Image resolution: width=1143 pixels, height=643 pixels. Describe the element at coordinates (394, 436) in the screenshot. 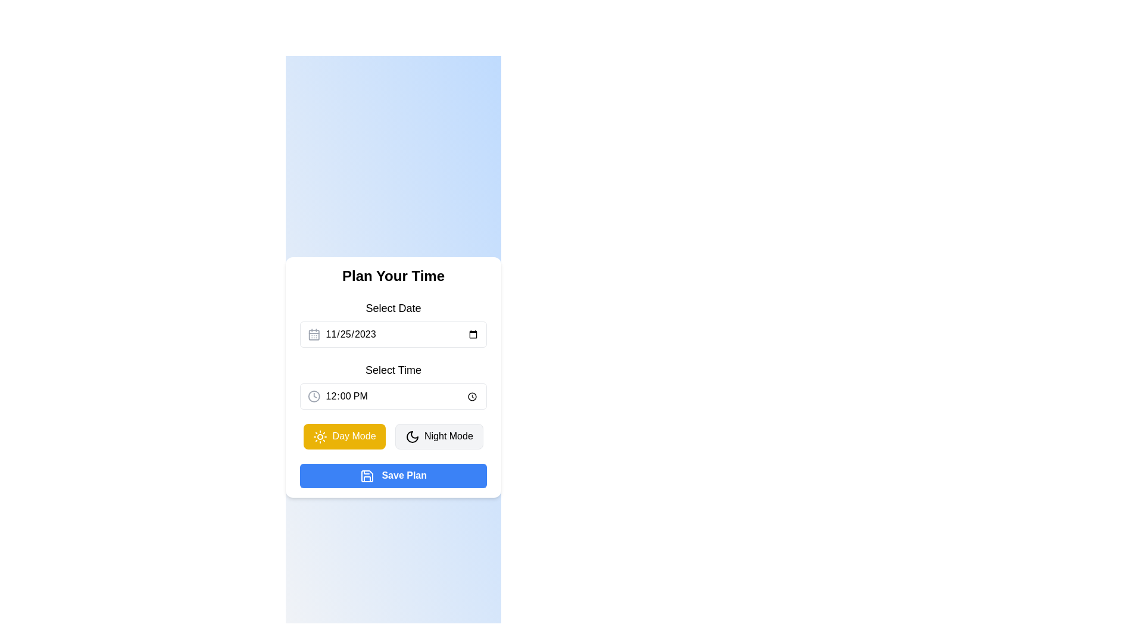

I see `the 'Day Mode' button located in the button group within the white modal` at that location.